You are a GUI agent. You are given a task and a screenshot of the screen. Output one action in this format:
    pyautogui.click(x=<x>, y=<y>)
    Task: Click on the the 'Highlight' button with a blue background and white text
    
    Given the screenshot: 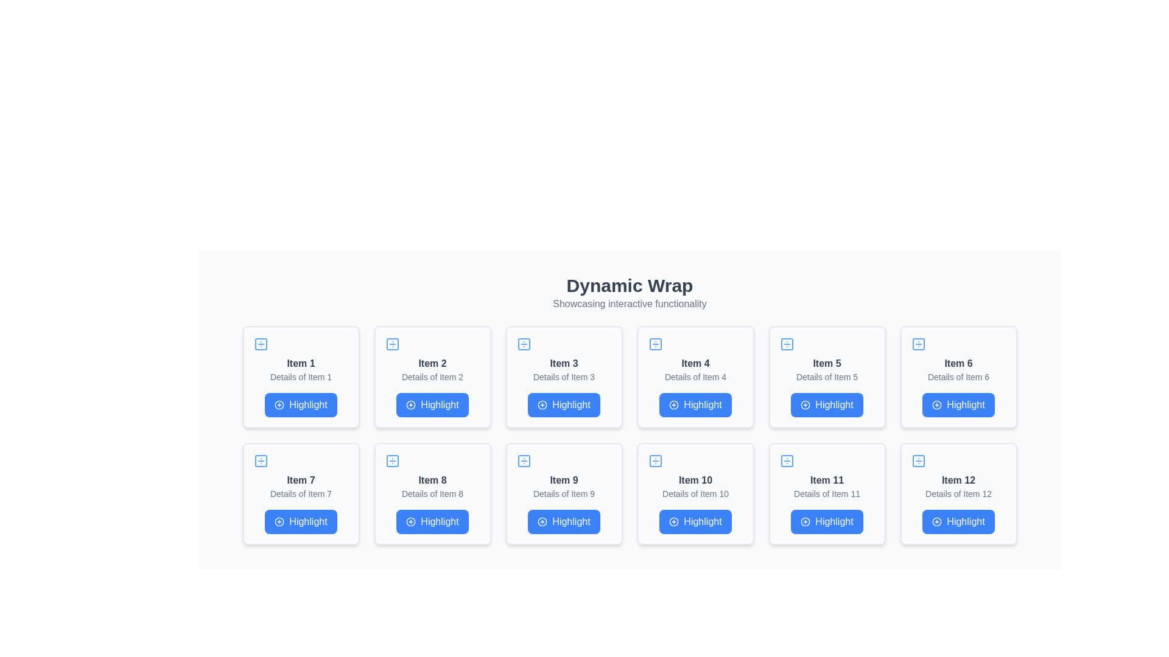 What is the action you would take?
    pyautogui.click(x=827, y=521)
    